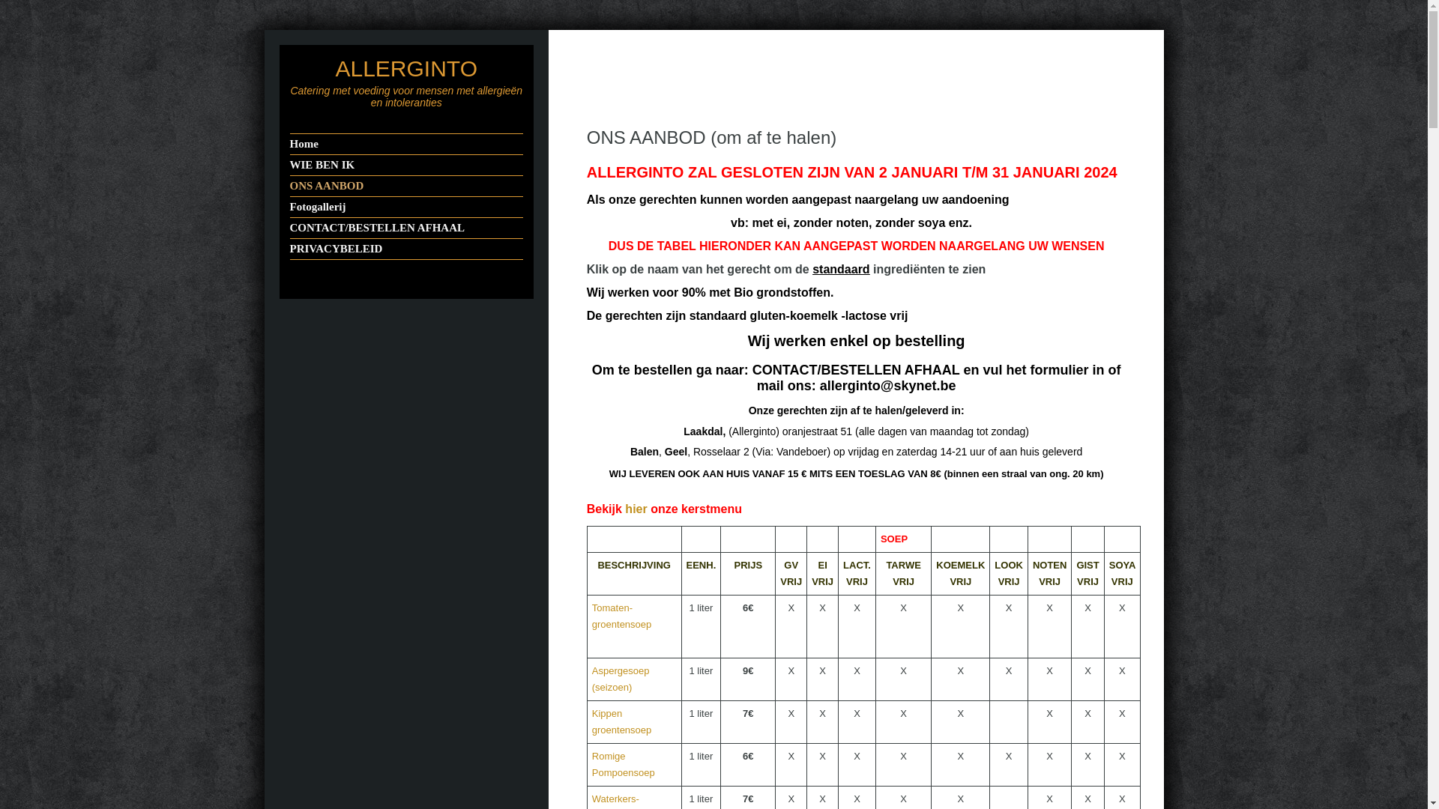 The height and width of the screenshot is (809, 1439). Describe the element at coordinates (405, 248) in the screenshot. I see `'PRIVACYBELEID'` at that location.